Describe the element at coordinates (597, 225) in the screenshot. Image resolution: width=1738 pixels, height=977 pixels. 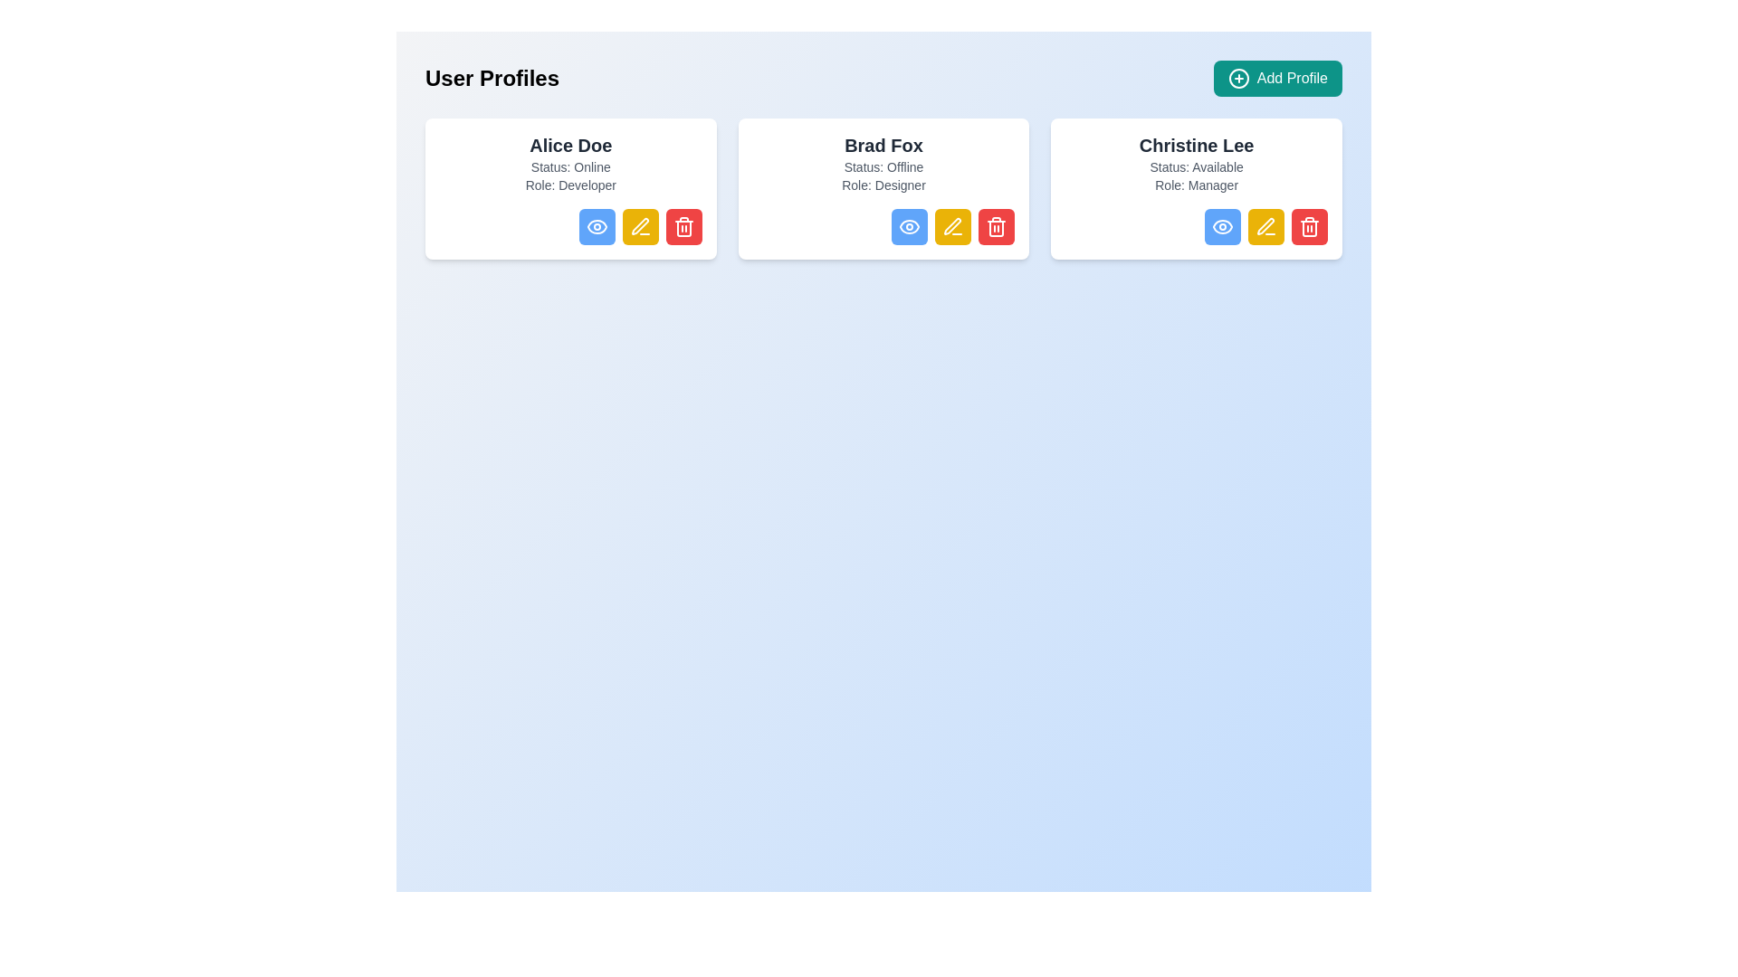
I see `the blue button with white text and an eye icon located under the profile of 'Alice Doe'` at that location.